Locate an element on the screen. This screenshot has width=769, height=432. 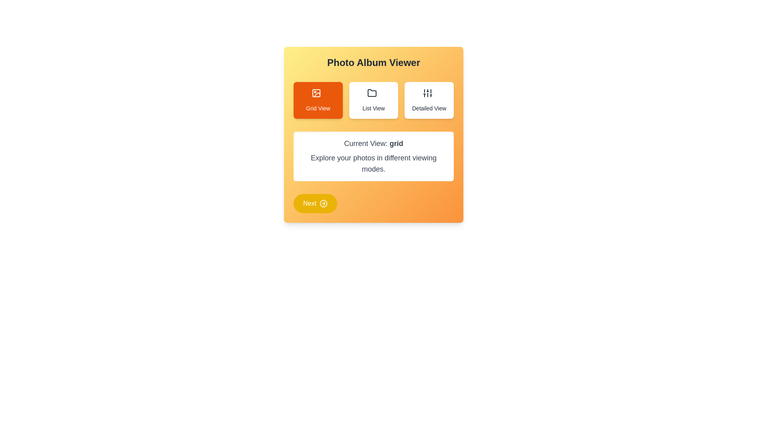
the second button in the horizontal group for switching the photo album view to list format is located at coordinates (373, 100).